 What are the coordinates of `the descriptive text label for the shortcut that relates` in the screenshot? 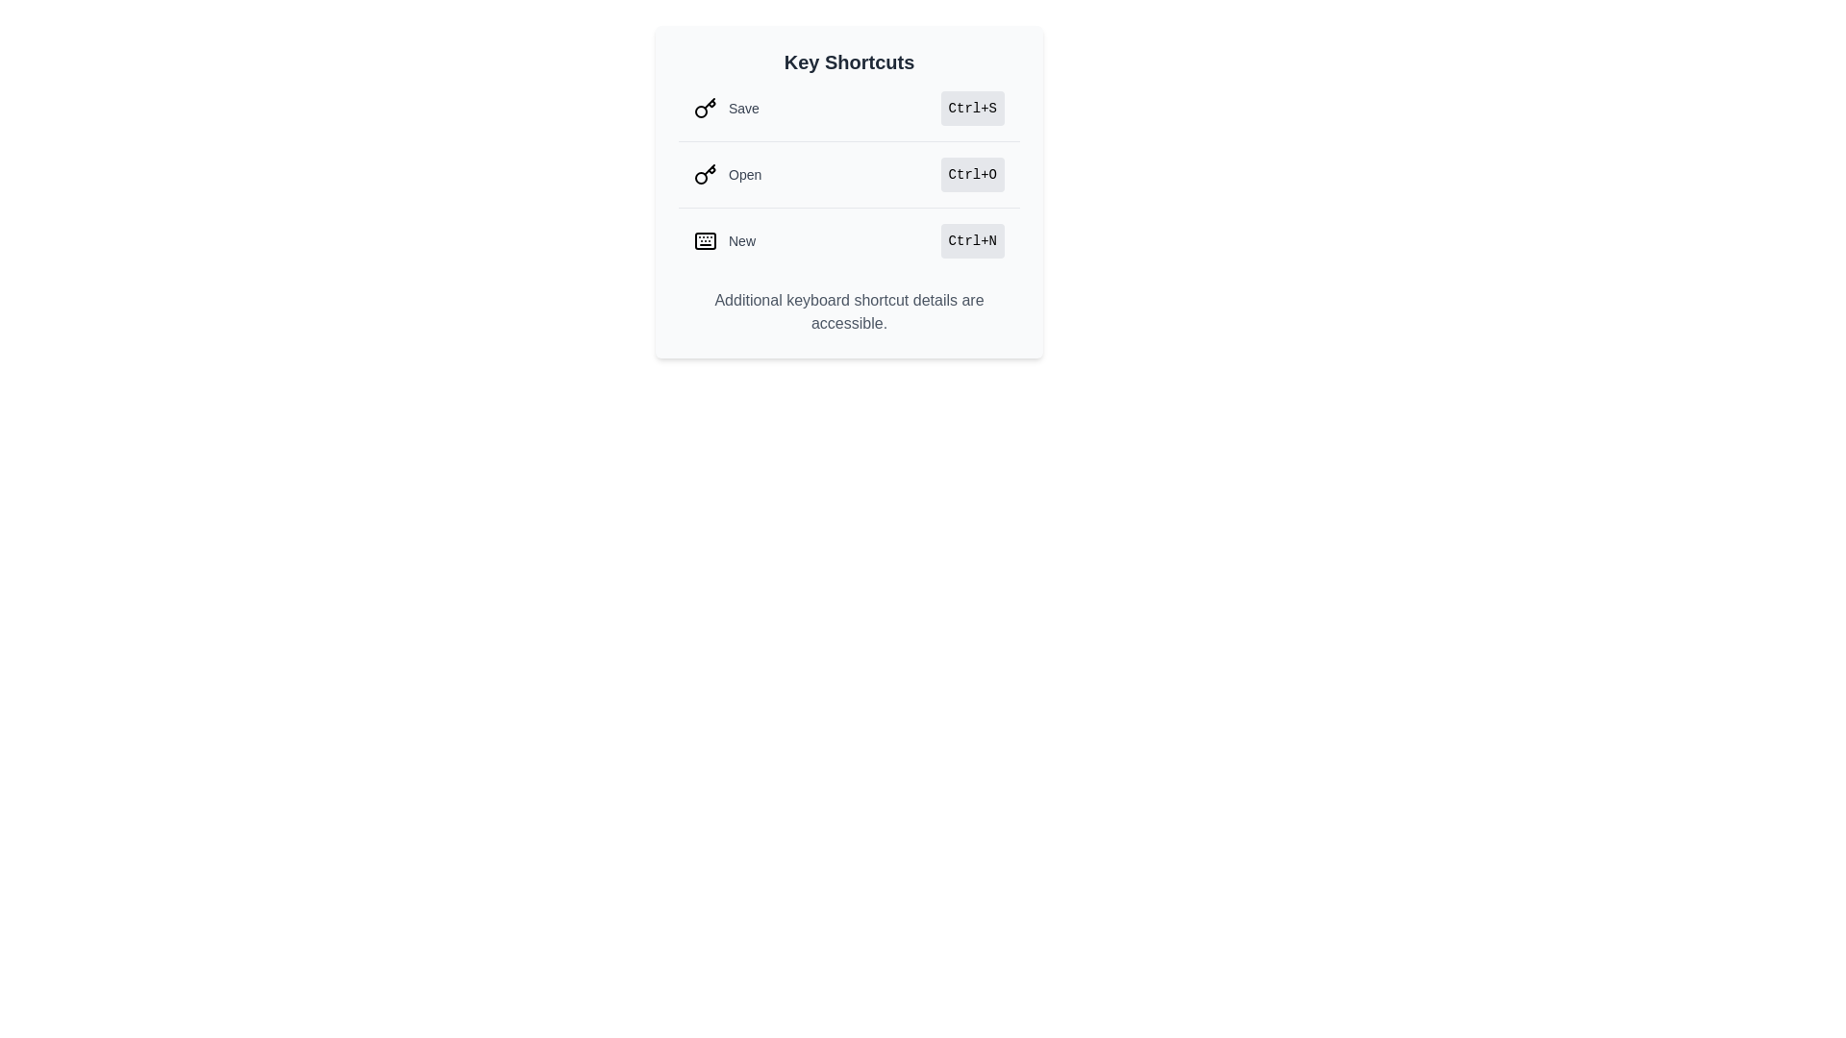 It's located at (744, 174).